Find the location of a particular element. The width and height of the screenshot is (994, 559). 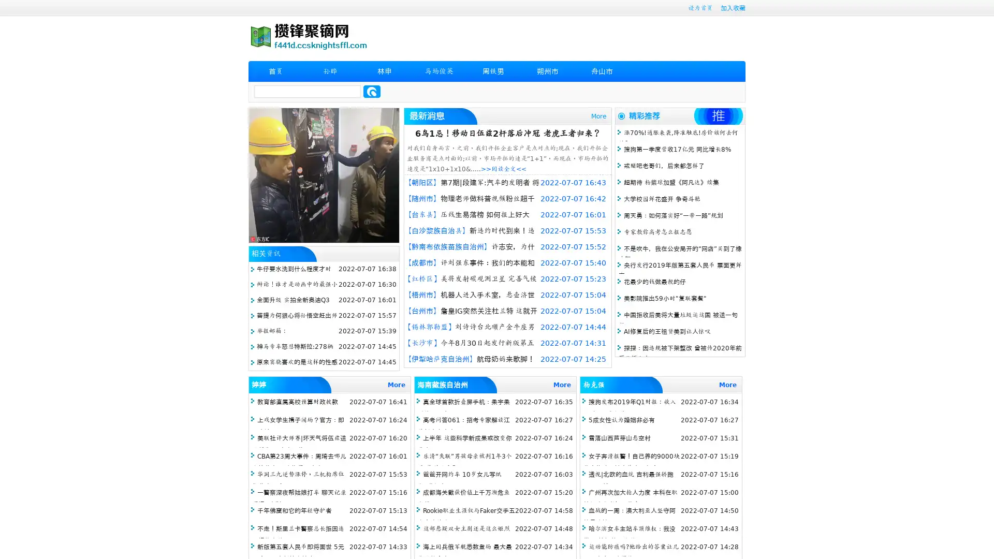

Search is located at coordinates (372, 91).